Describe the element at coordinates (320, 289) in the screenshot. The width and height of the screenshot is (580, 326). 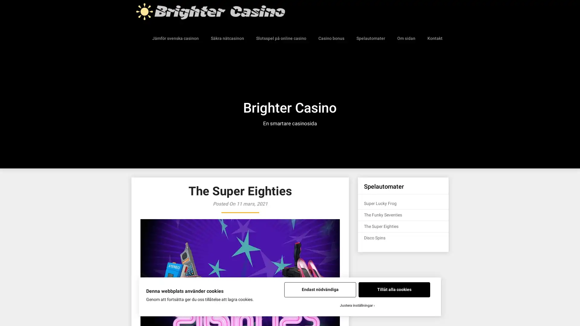
I see `Endast nodvandiga` at that location.